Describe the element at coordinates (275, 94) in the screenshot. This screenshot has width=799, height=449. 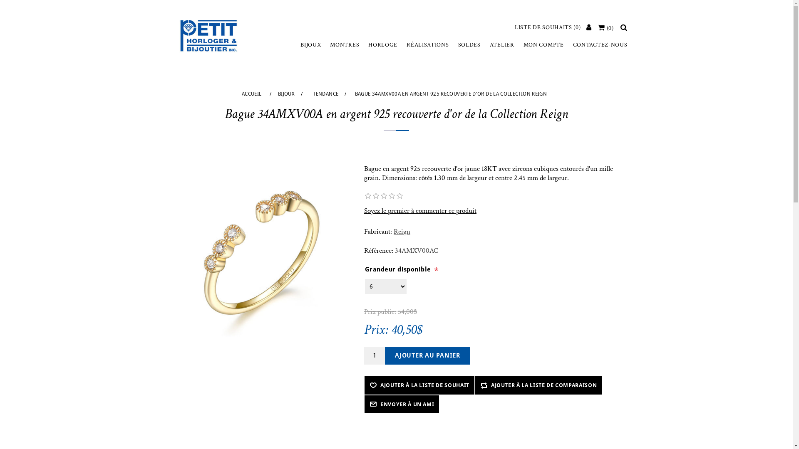
I see `'BIJOUX'` at that location.